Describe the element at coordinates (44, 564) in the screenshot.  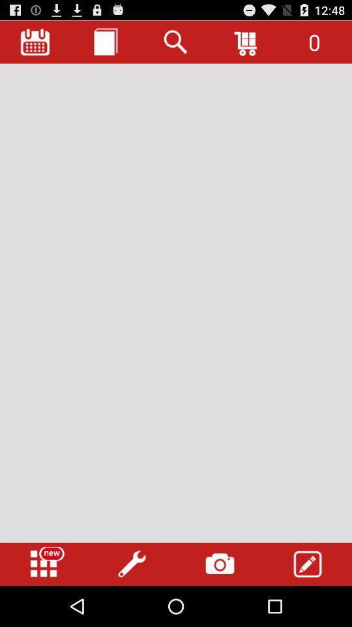
I see `menu selection` at that location.